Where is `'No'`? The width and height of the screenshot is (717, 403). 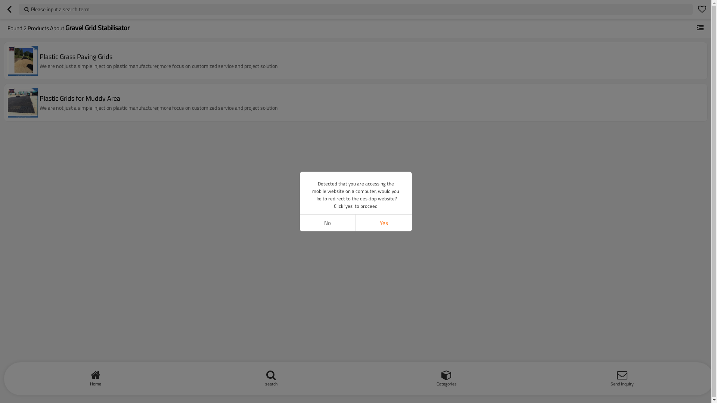
'No' is located at coordinates (299, 222).